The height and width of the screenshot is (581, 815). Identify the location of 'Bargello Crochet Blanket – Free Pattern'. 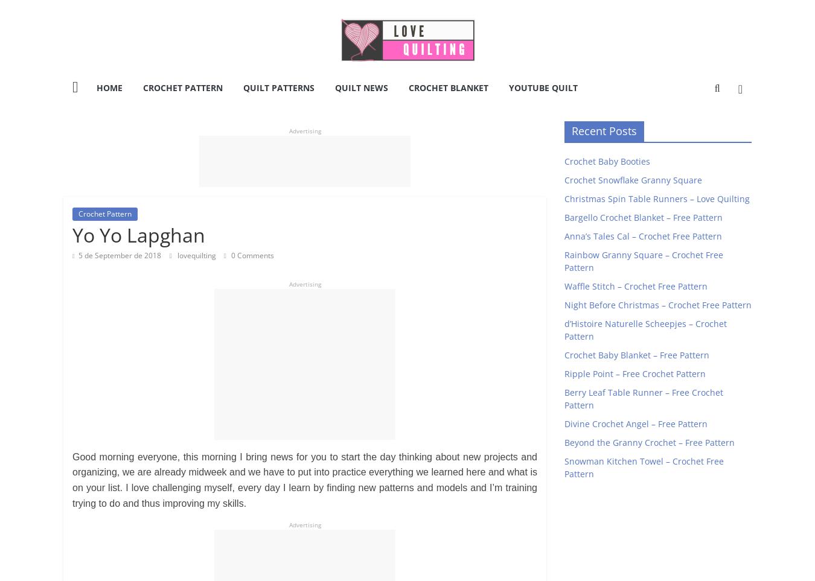
(643, 216).